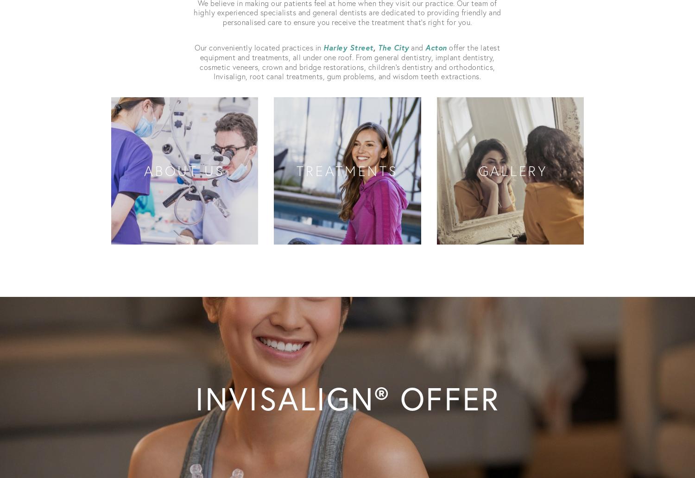 The image size is (695, 478). I want to click on 'Acton', so click(425, 47).